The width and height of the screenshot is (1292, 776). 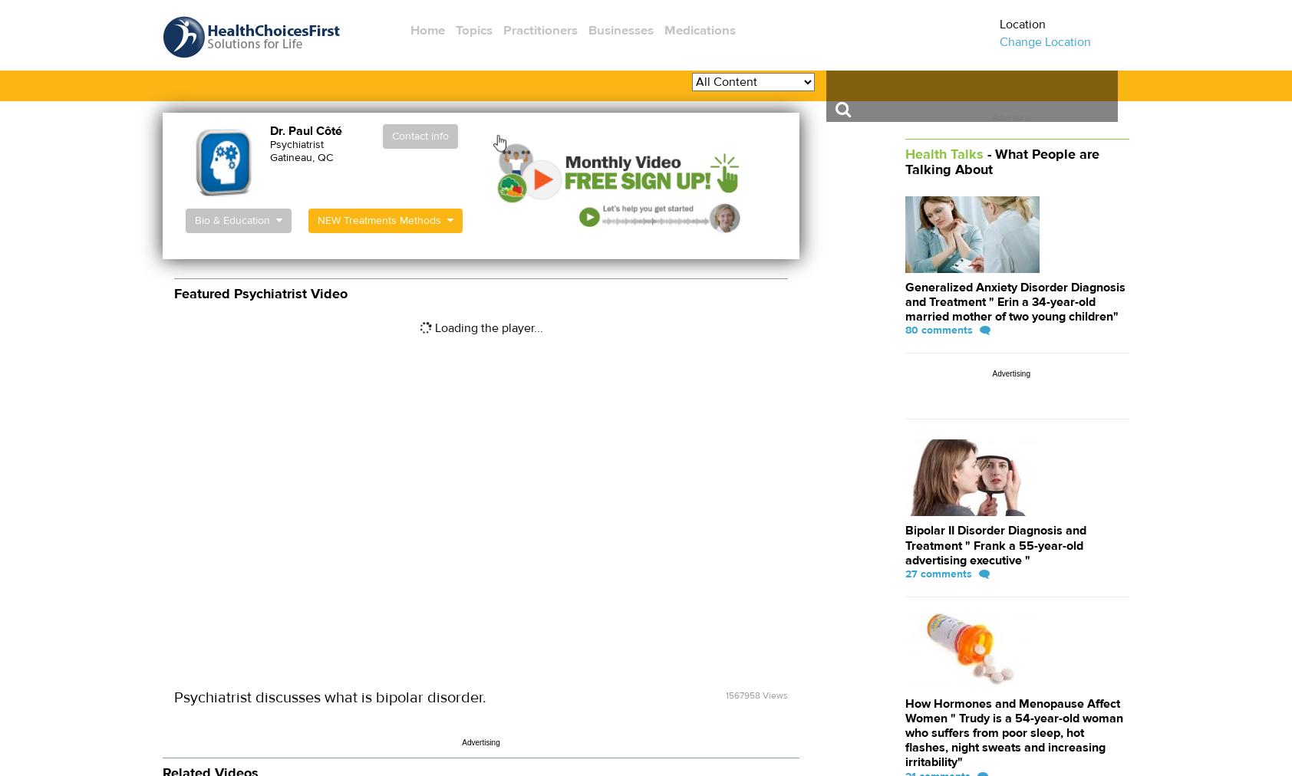 I want to click on 'Home', so click(x=427, y=29).